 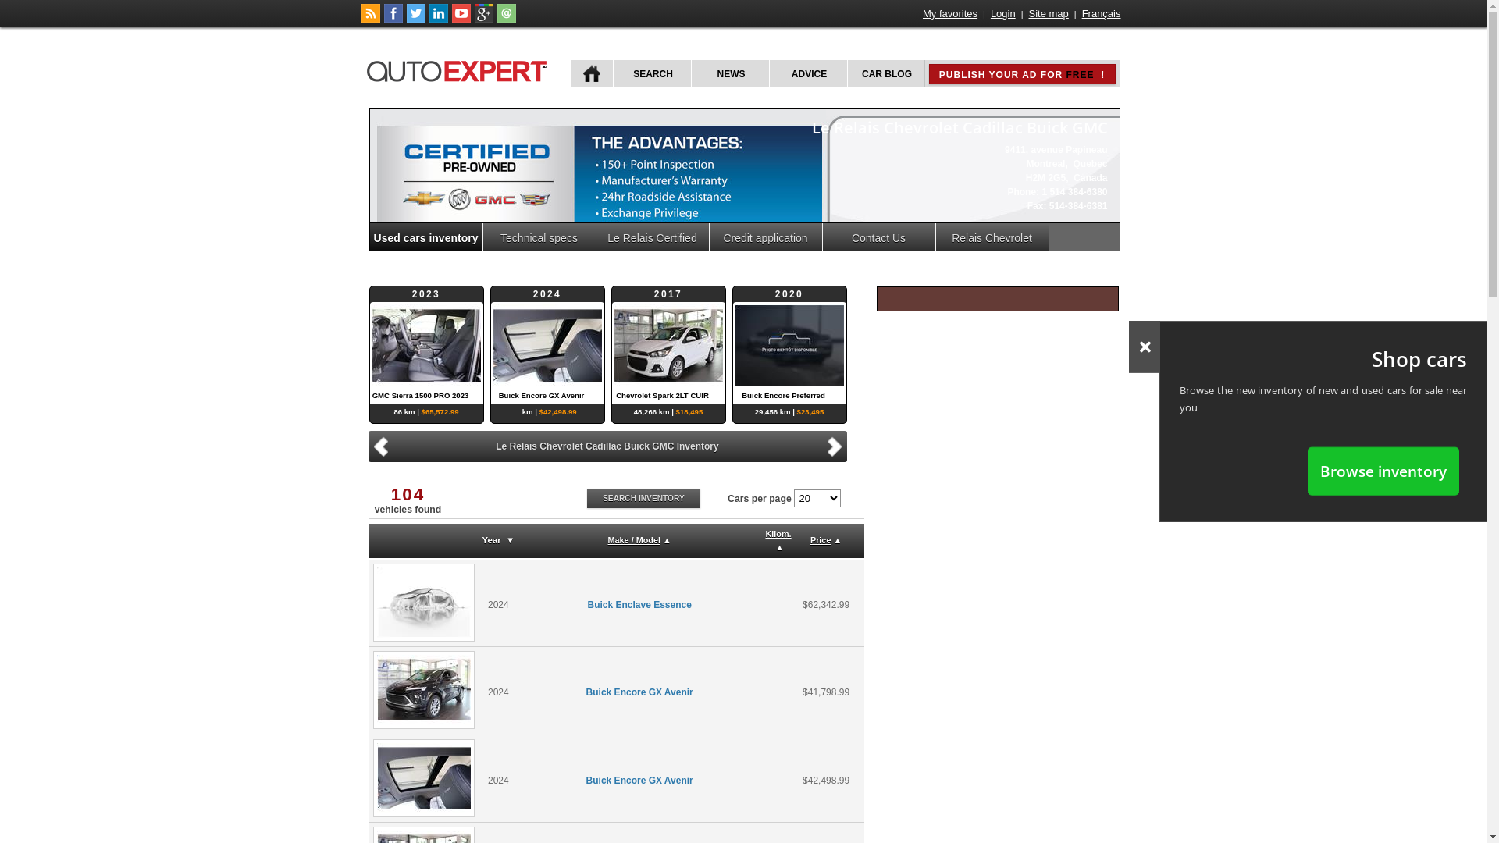 What do you see at coordinates (459, 68) in the screenshot?
I see `'autoExpert.ca'` at bounding box center [459, 68].